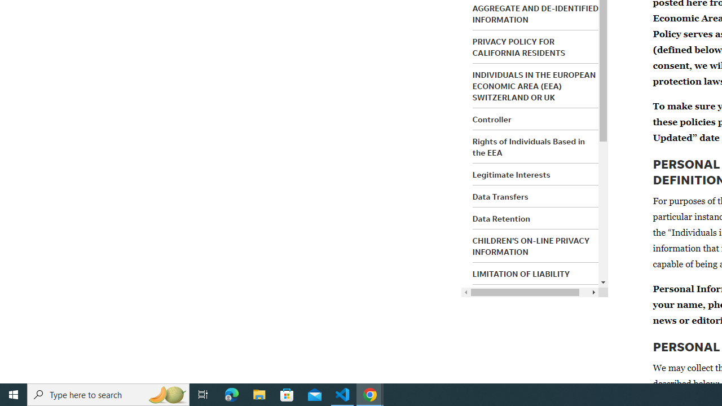  Describe the element at coordinates (510, 174) in the screenshot. I see `'Legitimate Interests'` at that location.